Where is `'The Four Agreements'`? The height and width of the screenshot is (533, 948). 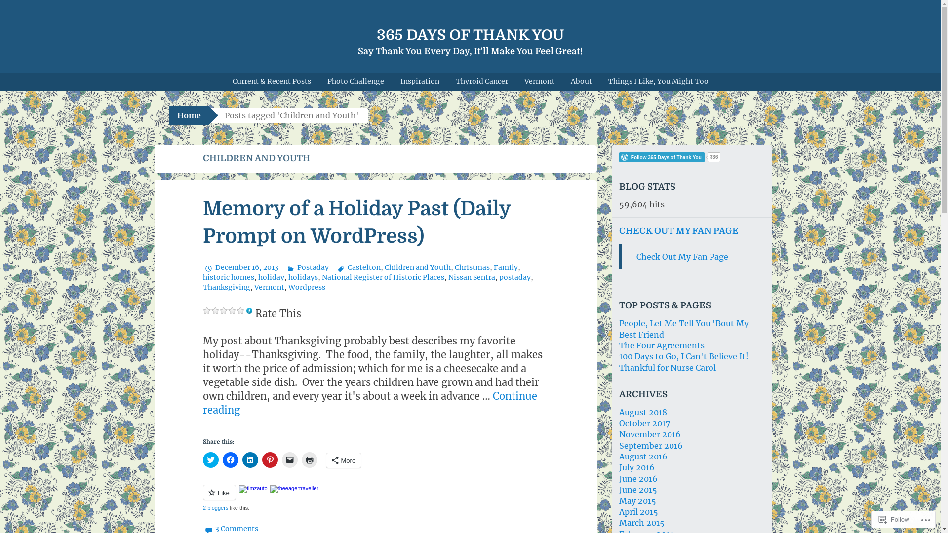
'The Four Agreements' is located at coordinates (662, 344).